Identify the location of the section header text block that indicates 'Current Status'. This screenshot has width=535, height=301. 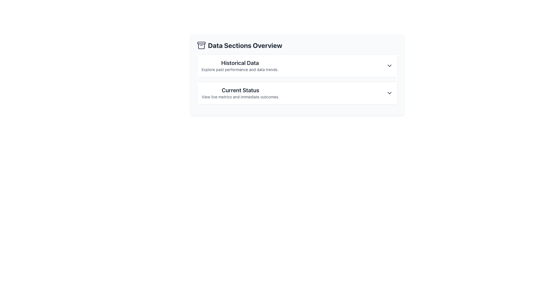
(240, 93).